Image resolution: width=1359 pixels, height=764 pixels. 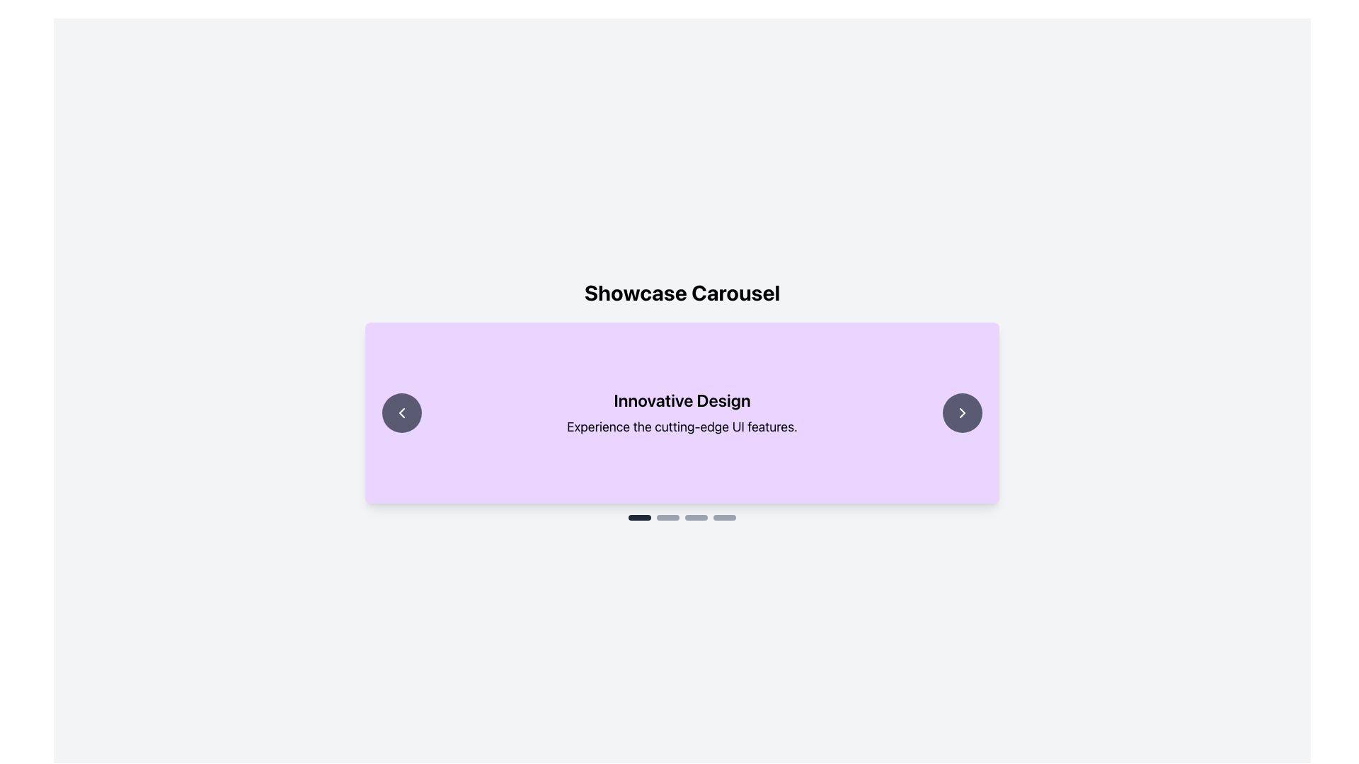 I want to click on text content from the informational display located centrally below the 'Showcase Carousel' heading, so click(x=682, y=412).